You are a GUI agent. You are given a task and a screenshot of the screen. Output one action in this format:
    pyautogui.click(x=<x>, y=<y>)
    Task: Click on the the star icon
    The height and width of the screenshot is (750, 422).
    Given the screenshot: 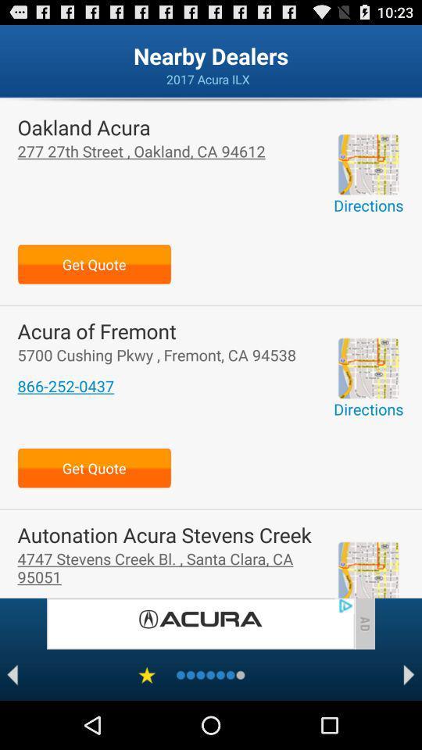 What is the action you would take?
    pyautogui.click(x=147, y=722)
    